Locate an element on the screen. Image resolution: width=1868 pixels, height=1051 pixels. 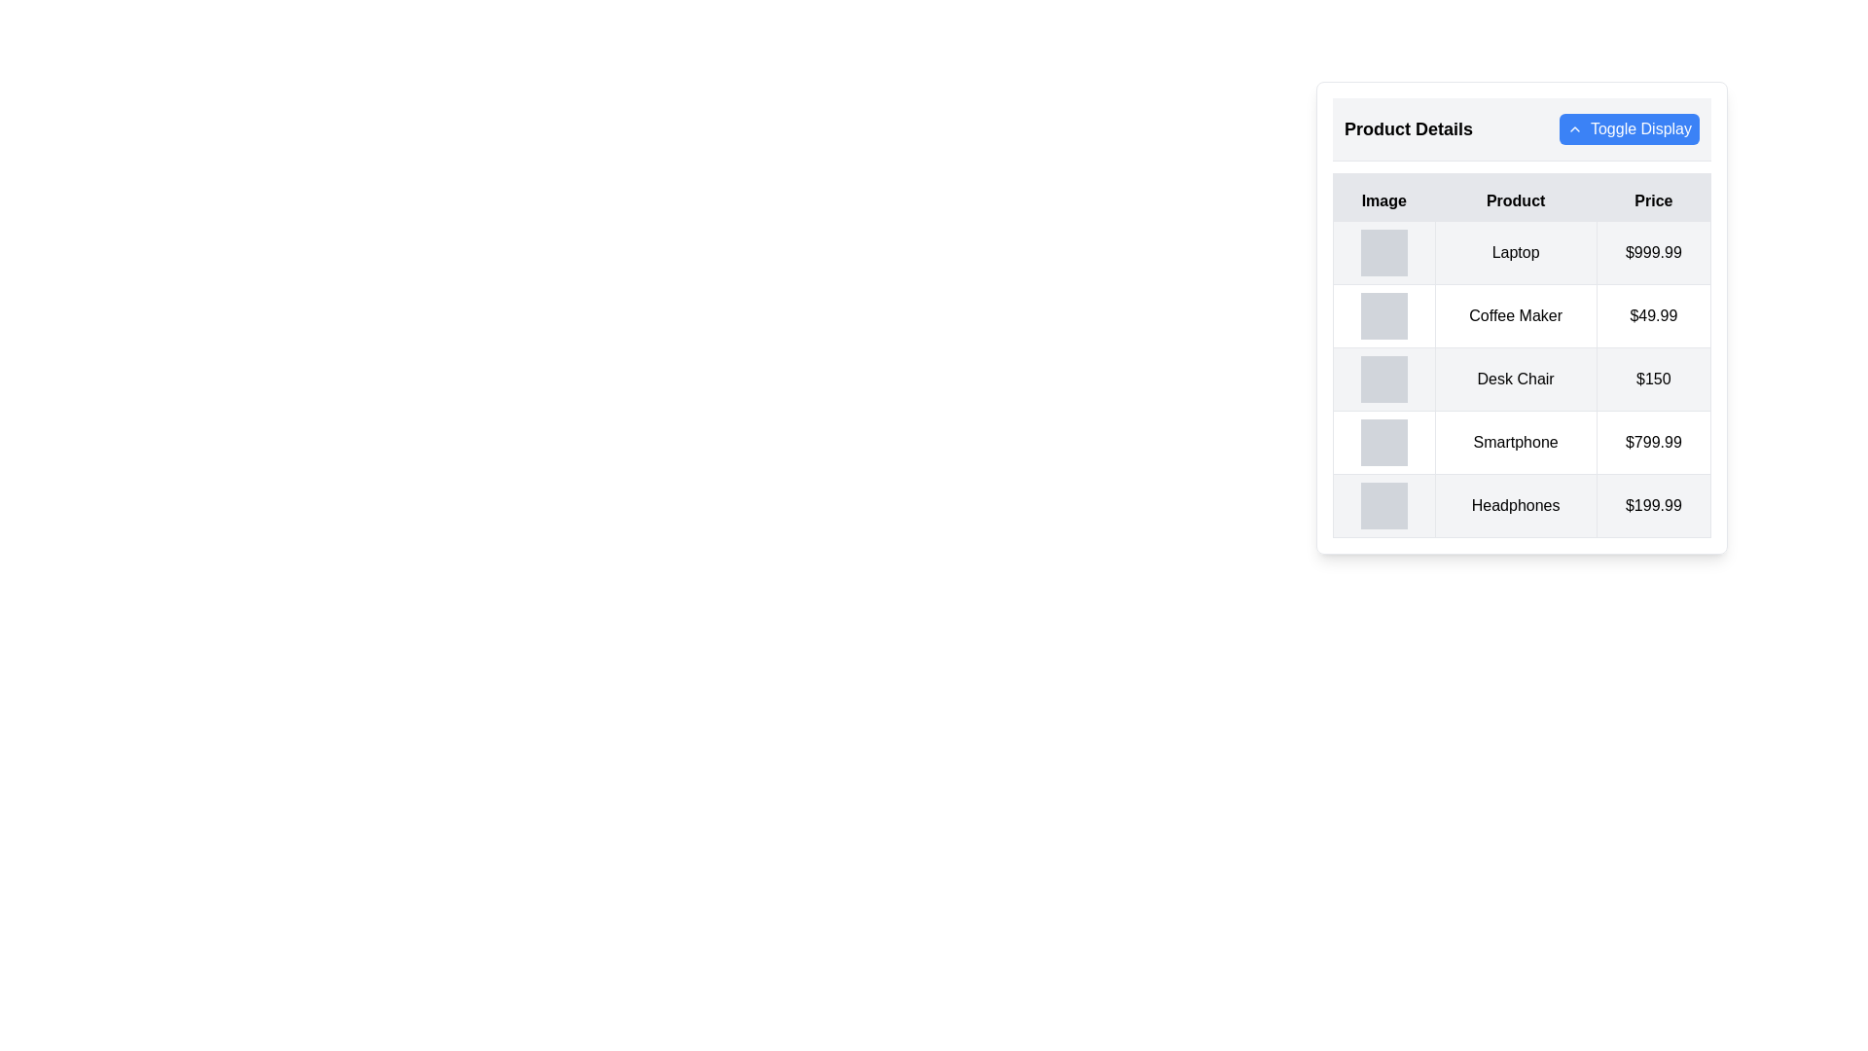
the numeric price label displaying '$49.99' for the Coffee Maker in the multi-column table is located at coordinates (1652, 314).